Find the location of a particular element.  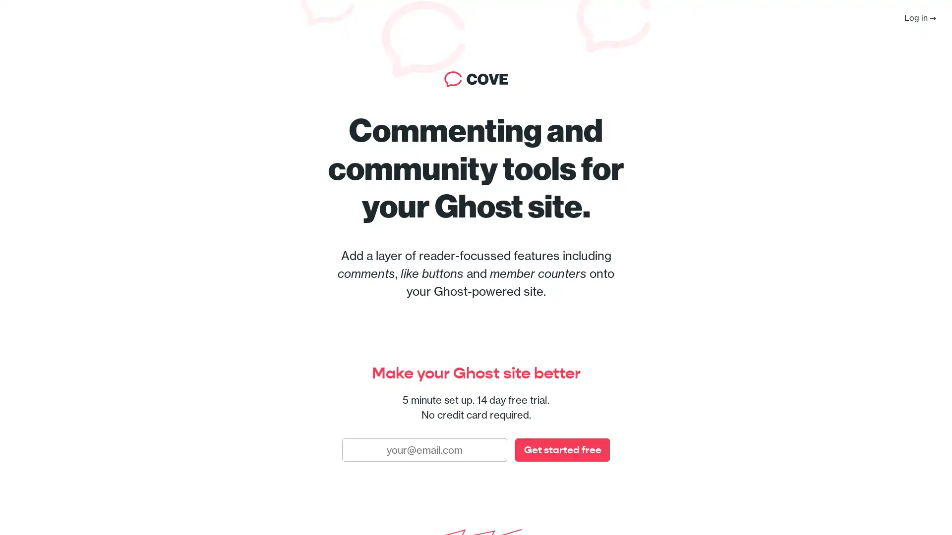

Get started free is located at coordinates (562, 449).